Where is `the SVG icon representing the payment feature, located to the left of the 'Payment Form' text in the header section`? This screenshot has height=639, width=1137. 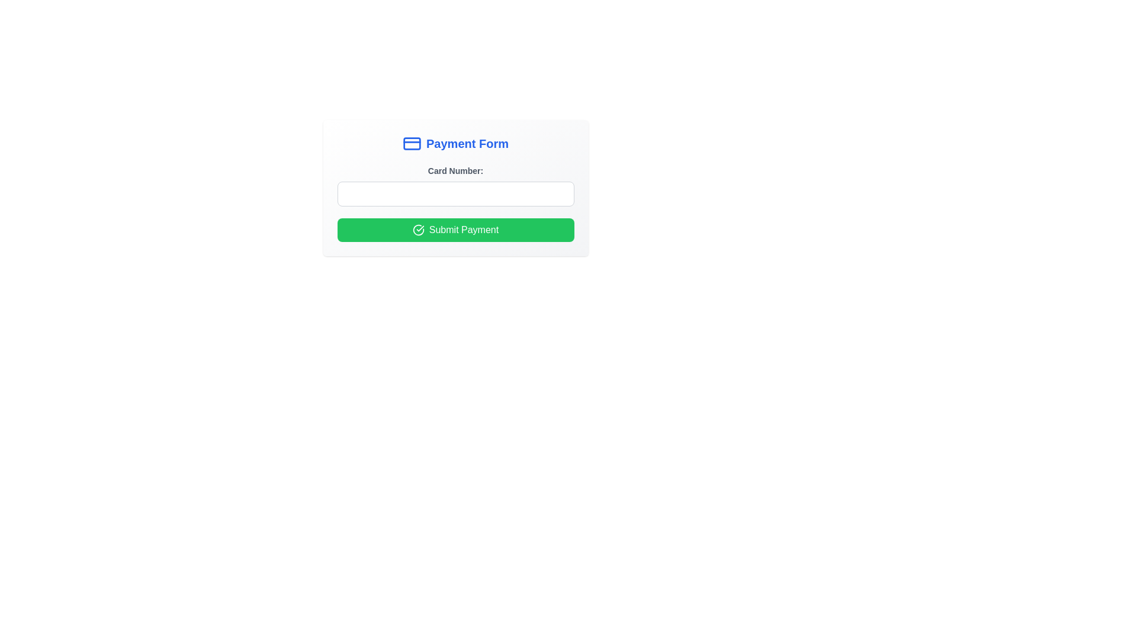 the SVG icon representing the payment feature, located to the left of the 'Payment Form' text in the header section is located at coordinates (412, 143).